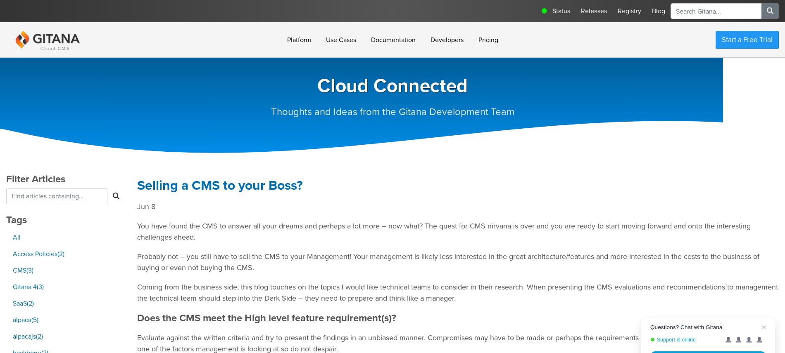 This screenshot has width=785, height=353. I want to click on 'Continuously train your own AI models as experts on your business, brand, products to engage with customers in real-time.', so click(289, 214).